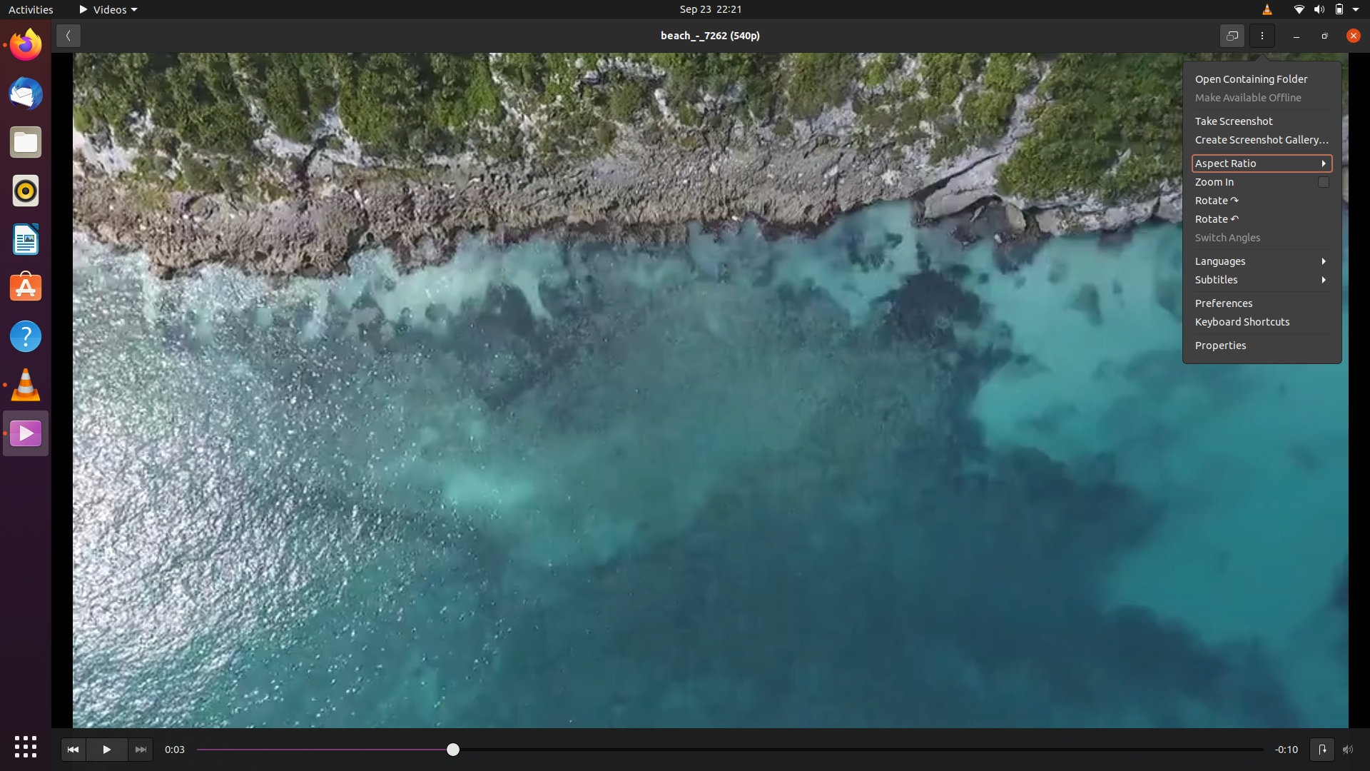 The height and width of the screenshot is (771, 1370). Describe the element at coordinates (1264, 346) in the screenshot. I see `Retrieve the properties of the actively running video` at that location.